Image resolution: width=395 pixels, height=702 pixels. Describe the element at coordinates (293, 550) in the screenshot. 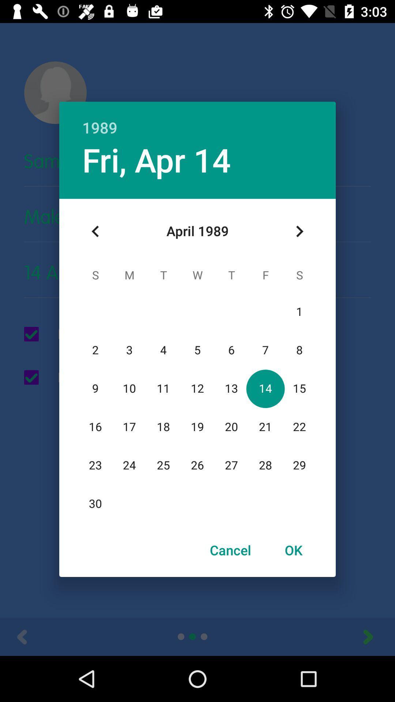

I see `item next to cancel icon` at that location.